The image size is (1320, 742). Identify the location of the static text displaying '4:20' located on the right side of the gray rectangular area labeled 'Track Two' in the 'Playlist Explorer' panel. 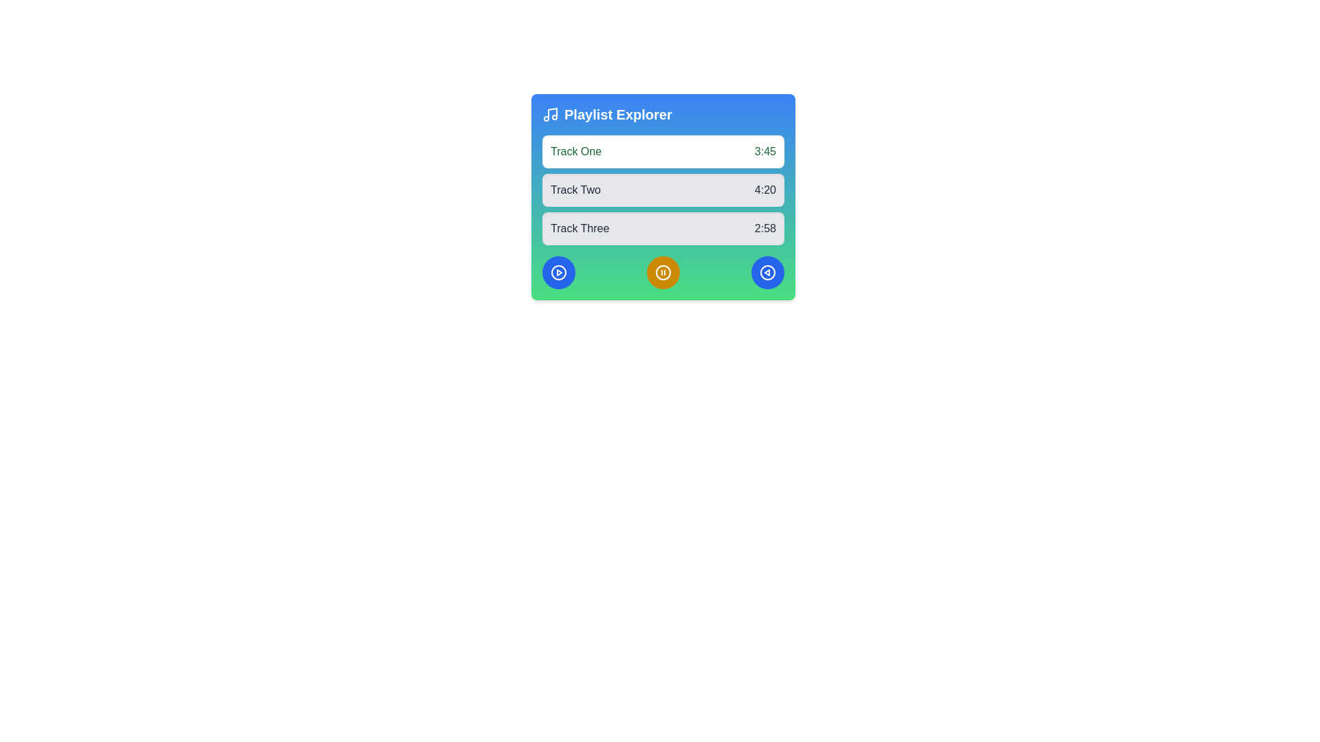
(764, 190).